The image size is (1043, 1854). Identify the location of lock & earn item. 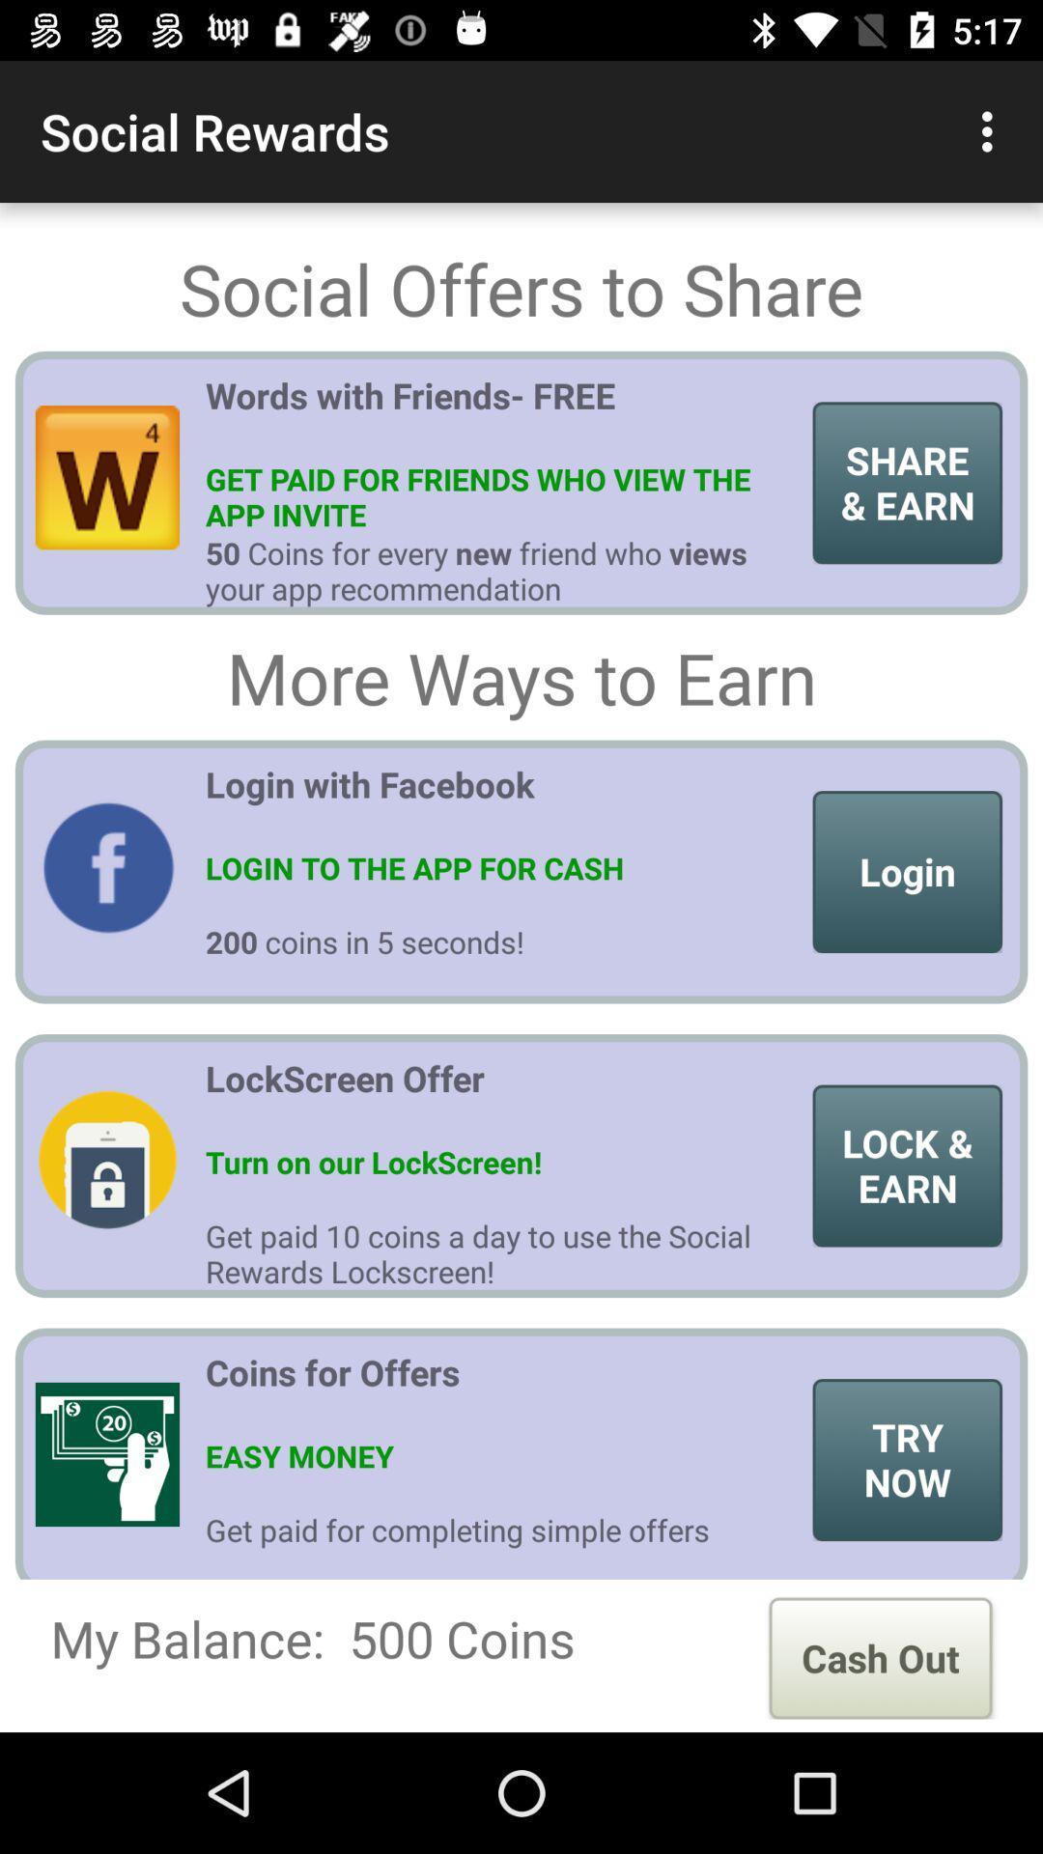
(907, 1165).